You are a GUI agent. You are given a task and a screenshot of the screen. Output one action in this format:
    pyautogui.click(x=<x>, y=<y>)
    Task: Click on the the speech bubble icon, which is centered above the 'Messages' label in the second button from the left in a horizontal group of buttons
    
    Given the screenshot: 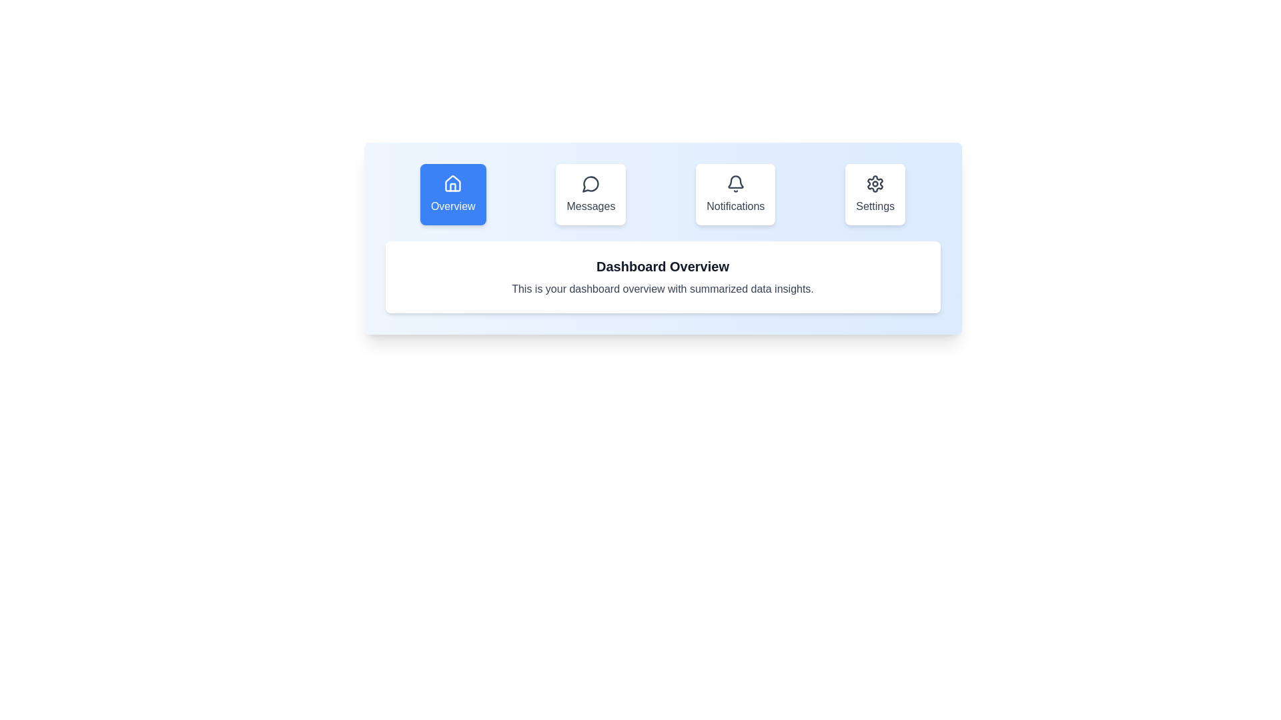 What is the action you would take?
    pyautogui.click(x=590, y=184)
    